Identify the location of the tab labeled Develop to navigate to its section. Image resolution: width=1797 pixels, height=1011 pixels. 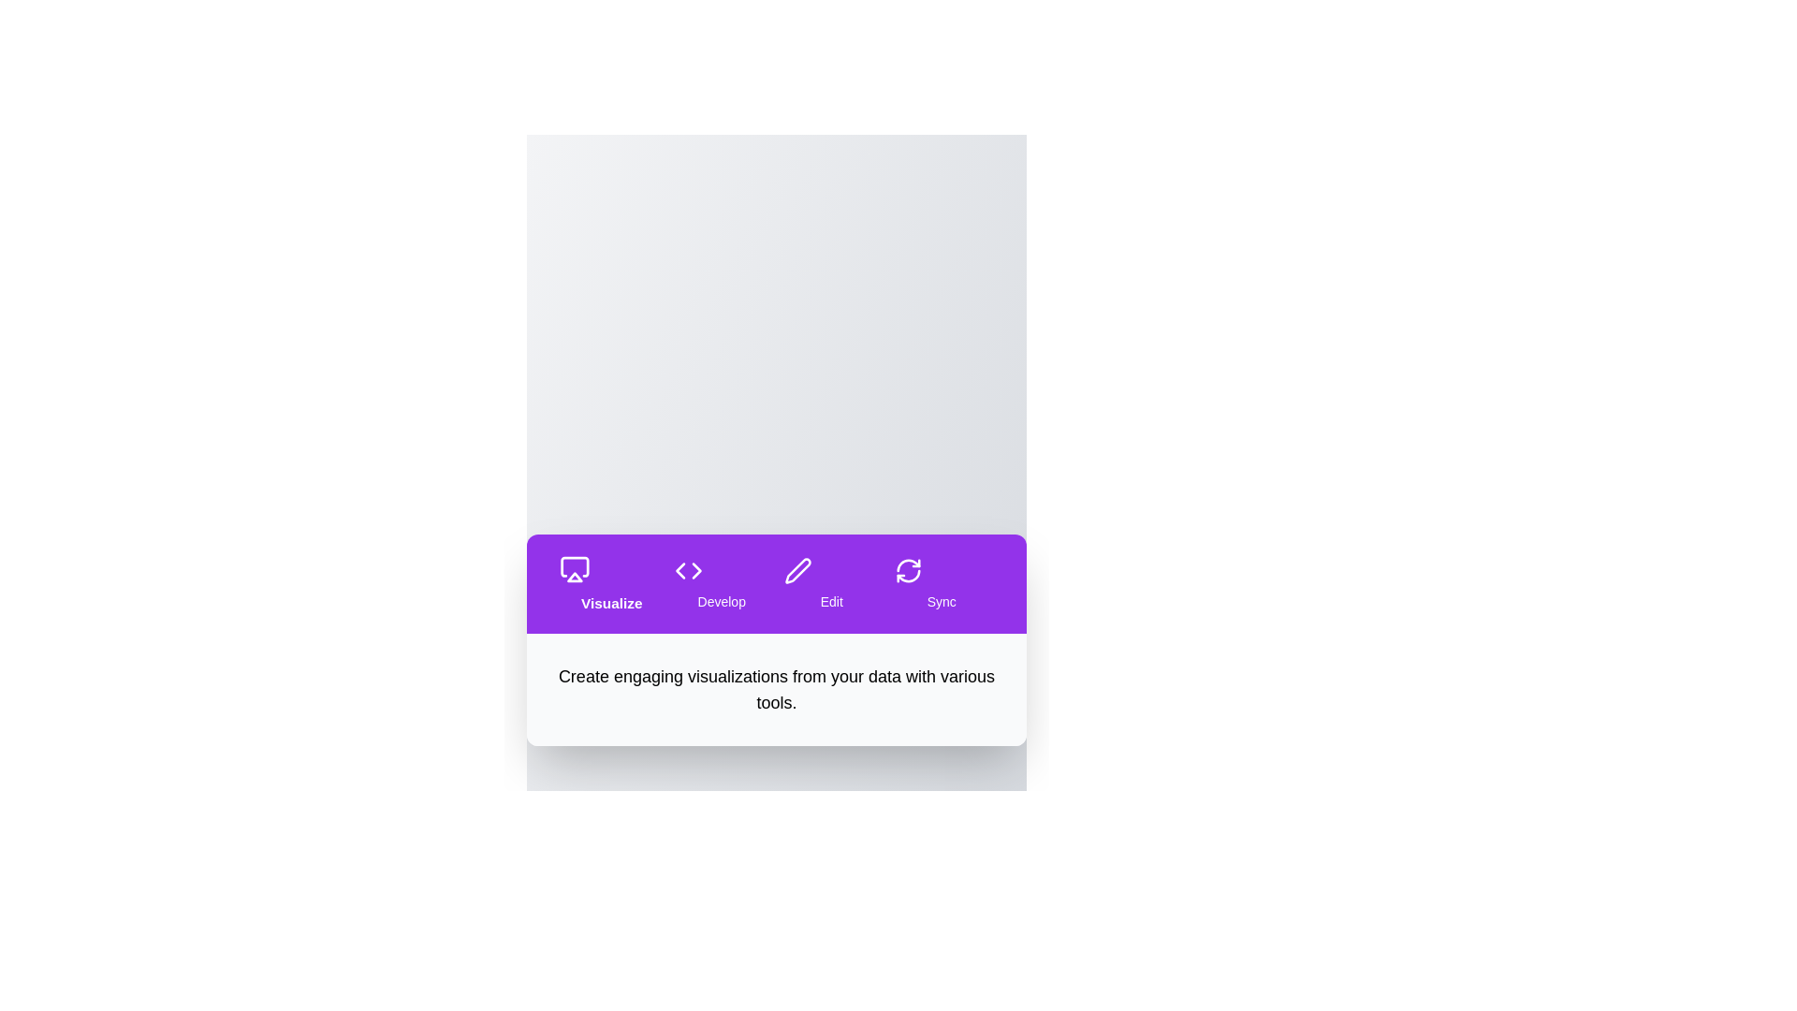
(721, 583).